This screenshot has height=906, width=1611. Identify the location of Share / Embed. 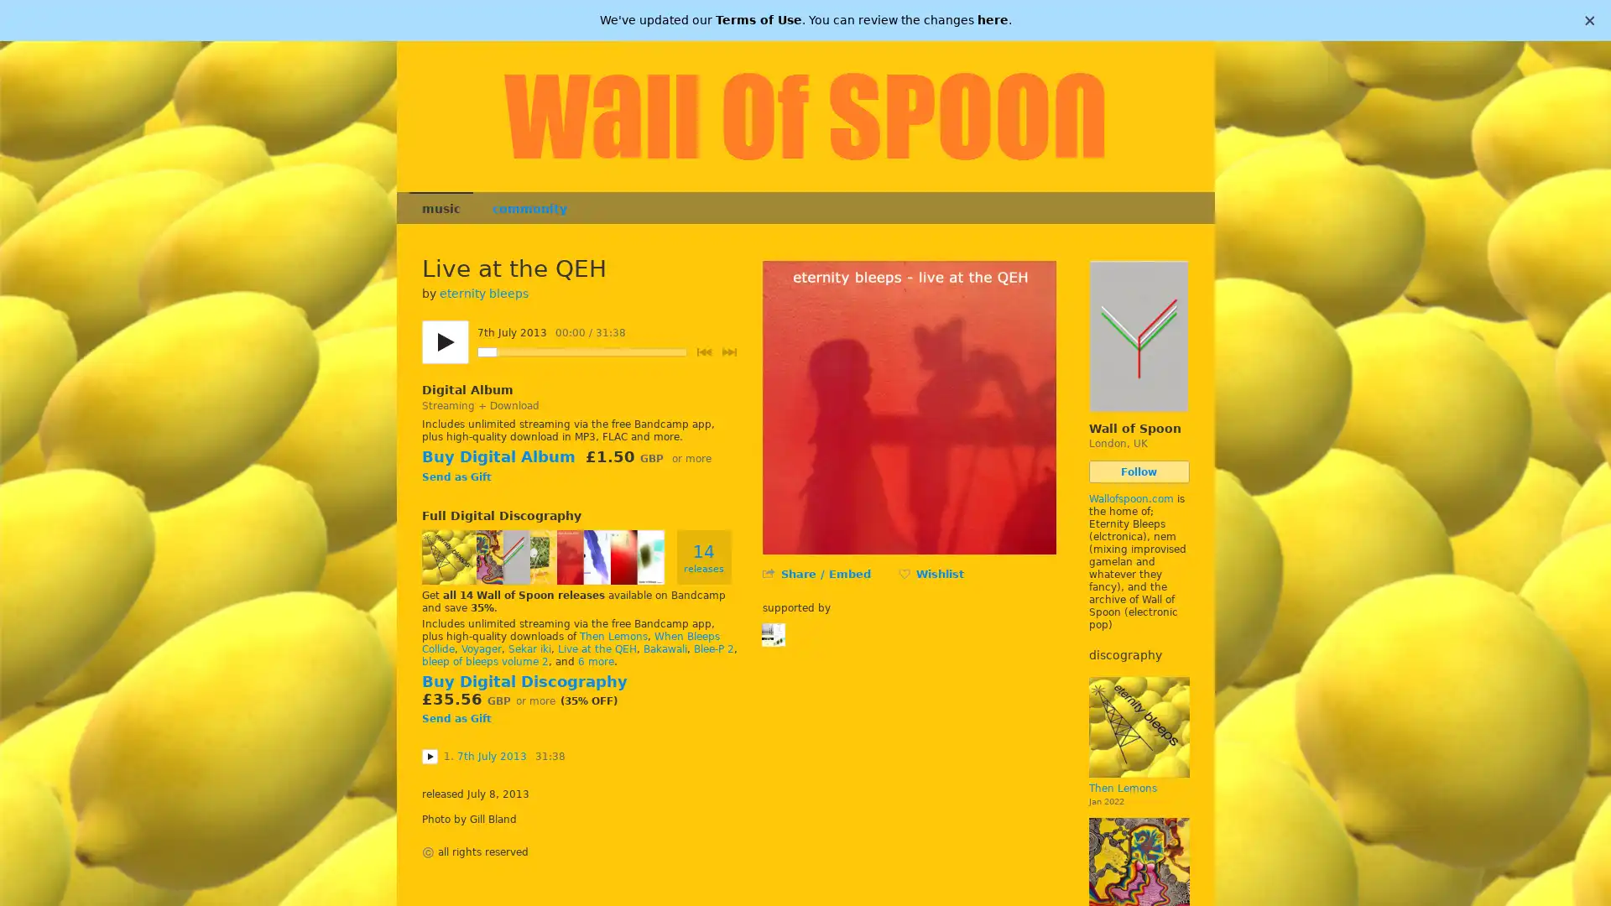
(825, 573).